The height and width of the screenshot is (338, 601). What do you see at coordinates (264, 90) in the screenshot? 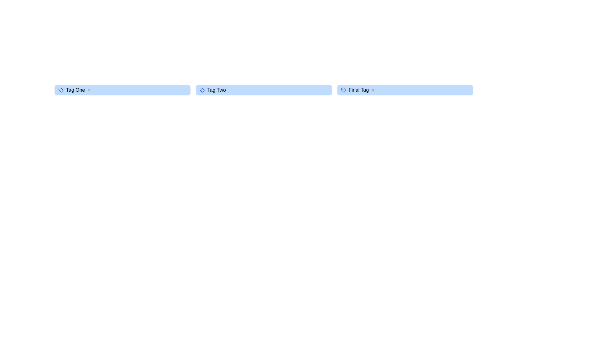
I see `the second tag in a horizontal arrangement, which is positioned between 'Tag One' and 'Final Tag'` at bounding box center [264, 90].